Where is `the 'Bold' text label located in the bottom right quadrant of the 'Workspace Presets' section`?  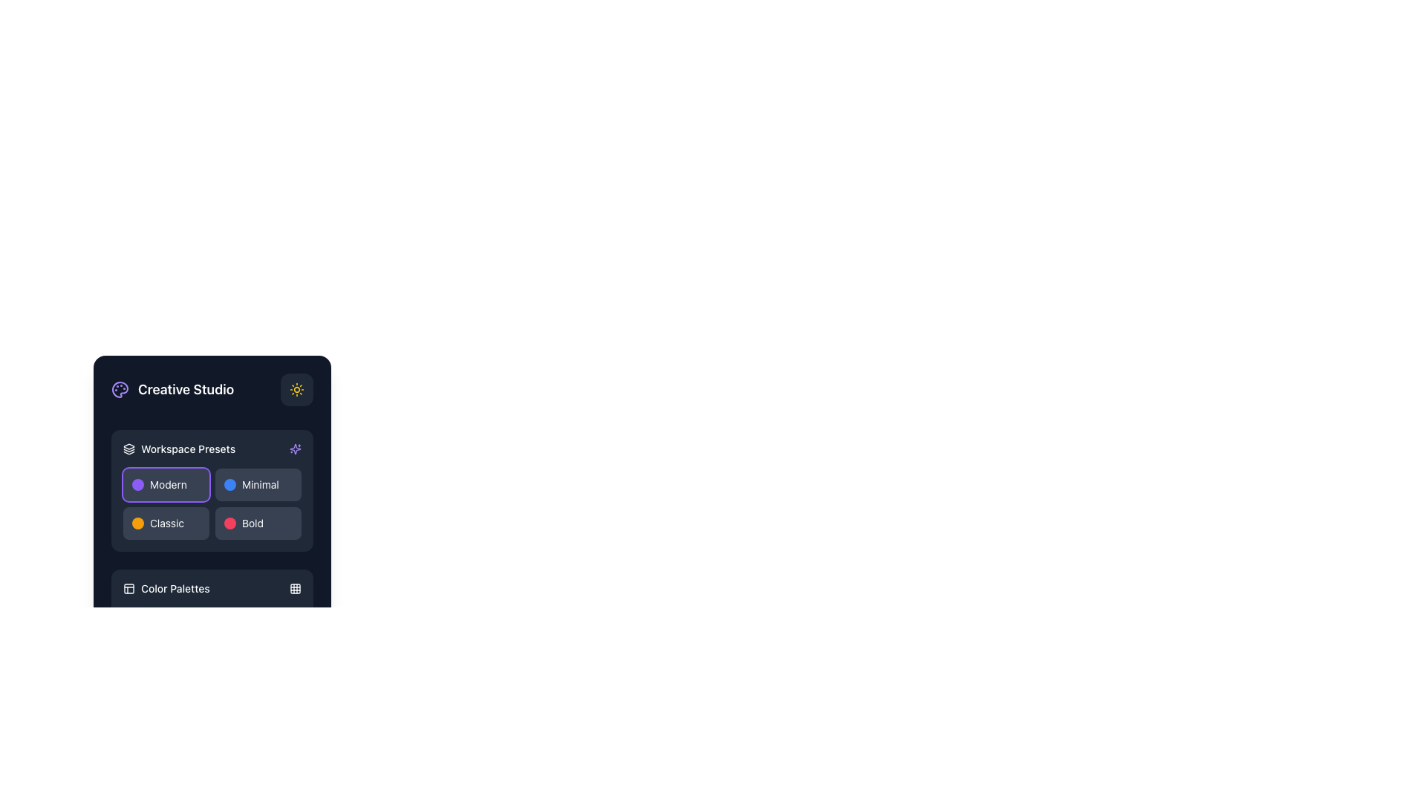
the 'Bold' text label located in the bottom right quadrant of the 'Workspace Presets' section is located at coordinates (253, 523).